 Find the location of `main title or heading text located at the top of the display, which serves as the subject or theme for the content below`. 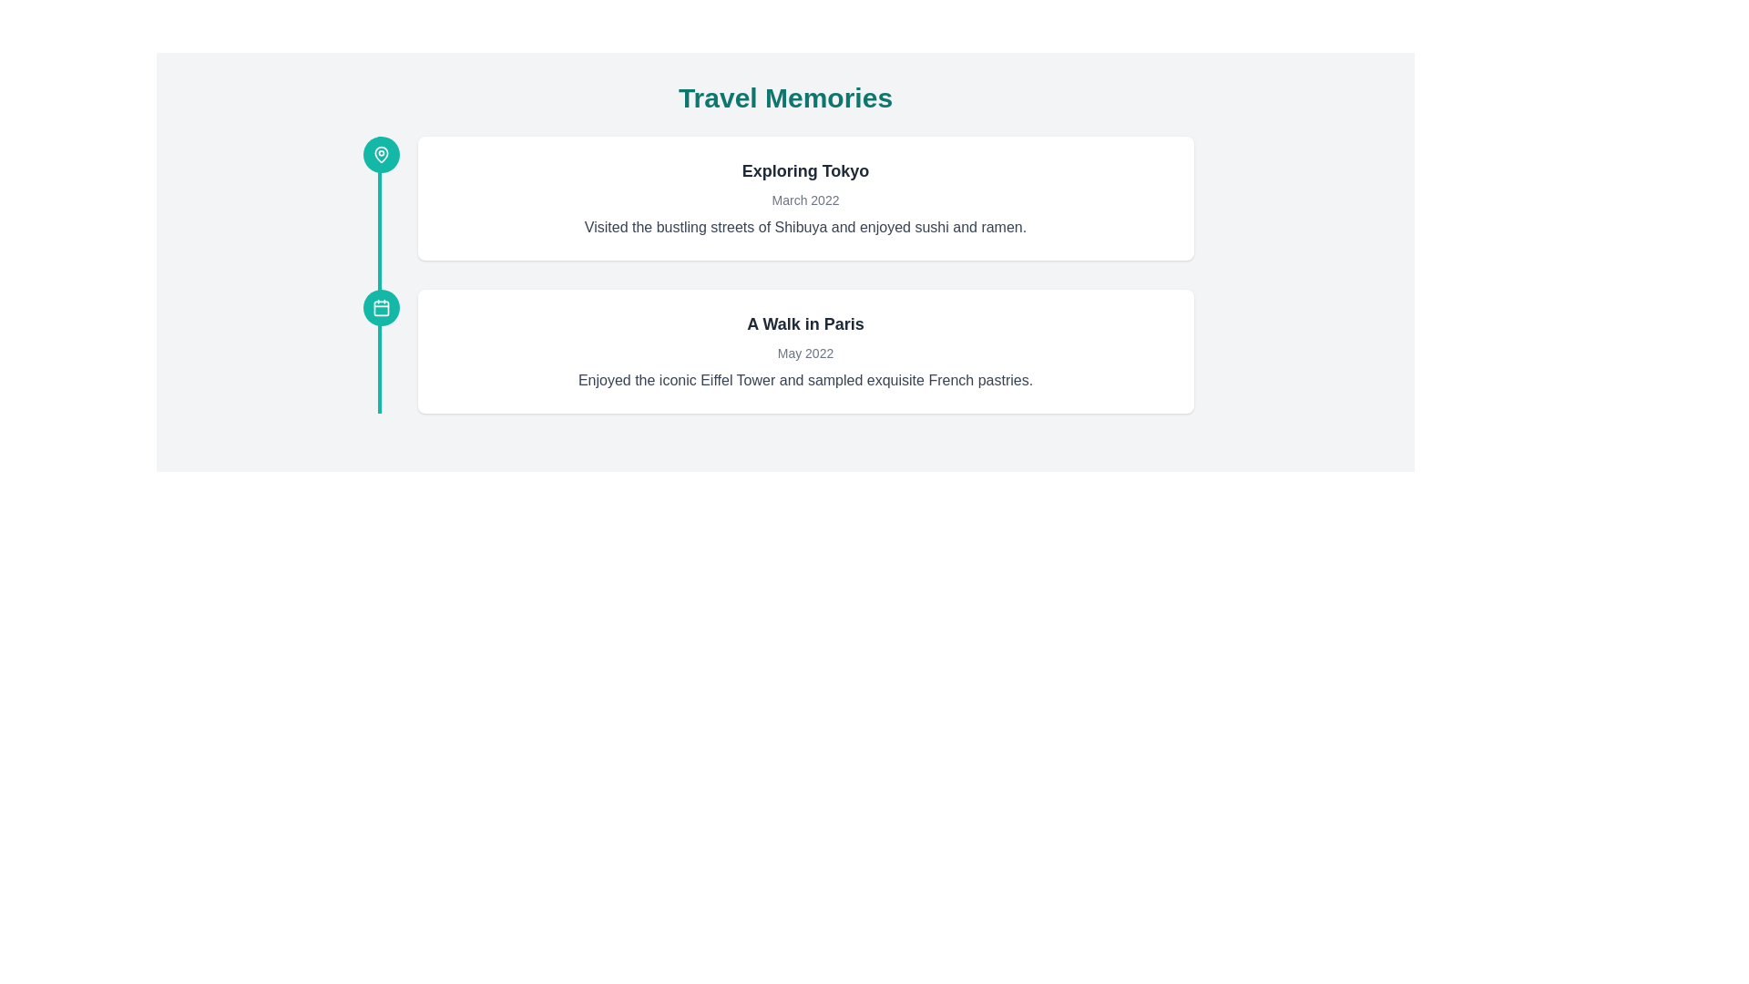

main title or heading text located at the top of the display, which serves as the subject or theme for the content below is located at coordinates (785, 98).